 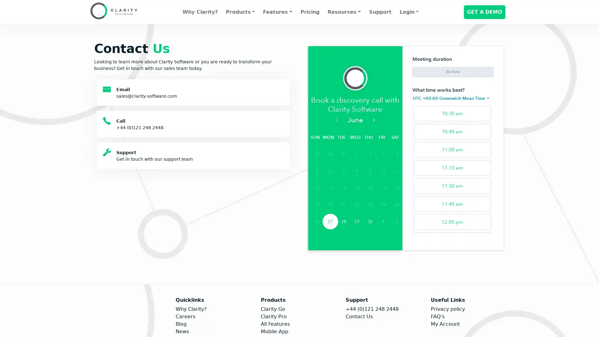 What do you see at coordinates (409, 12) in the screenshot?
I see `Login` at bounding box center [409, 12].